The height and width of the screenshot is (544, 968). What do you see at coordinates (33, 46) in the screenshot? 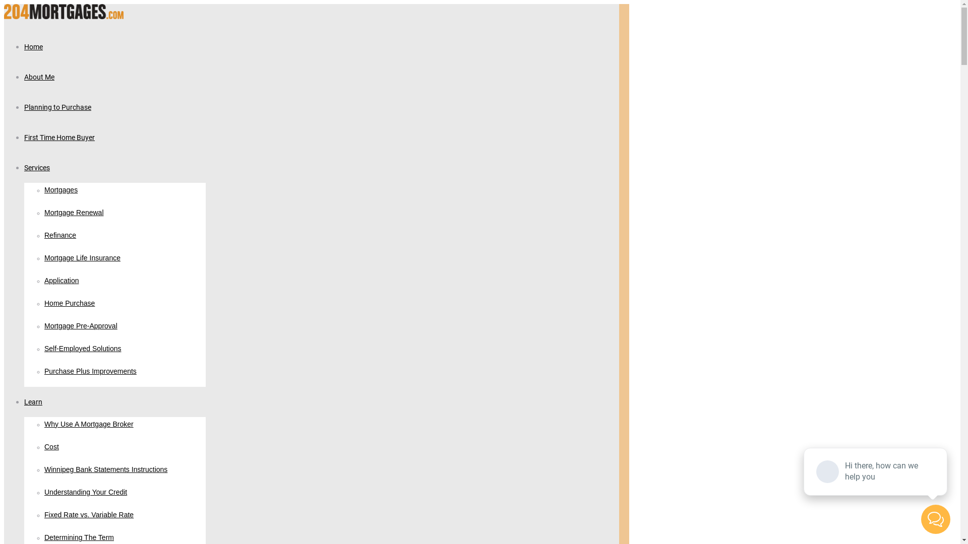
I see `'Home'` at bounding box center [33, 46].